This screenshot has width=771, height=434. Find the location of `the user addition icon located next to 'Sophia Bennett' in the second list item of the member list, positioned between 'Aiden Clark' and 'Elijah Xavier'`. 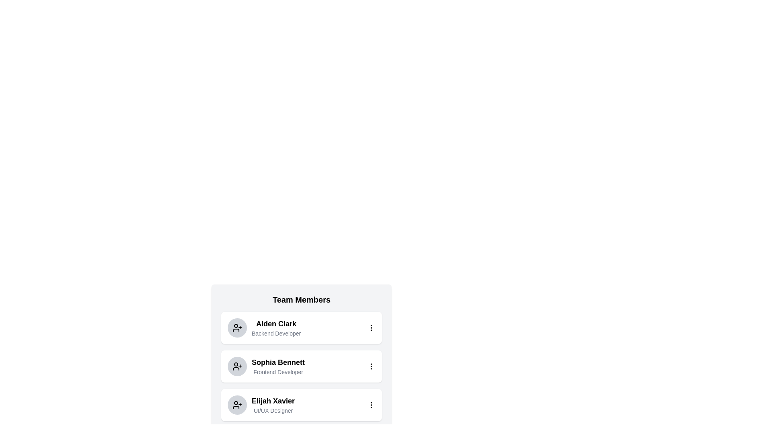

the user addition icon located next to 'Sophia Bennett' in the second list item of the member list, positioned between 'Aiden Clark' and 'Elijah Xavier' is located at coordinates (237, 366).